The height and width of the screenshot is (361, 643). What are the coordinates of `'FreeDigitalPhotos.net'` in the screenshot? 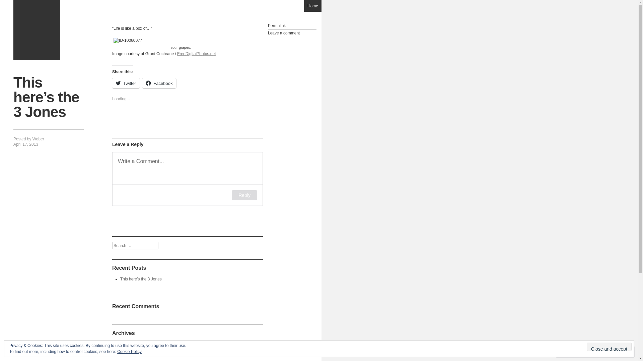 It's located at (196, 53).